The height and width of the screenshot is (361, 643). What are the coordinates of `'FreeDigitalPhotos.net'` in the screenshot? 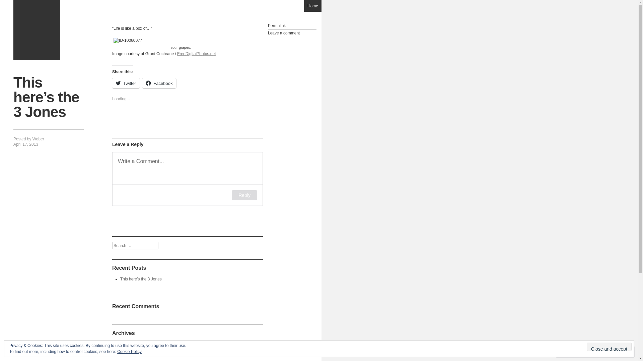 It's located at (196, 53).